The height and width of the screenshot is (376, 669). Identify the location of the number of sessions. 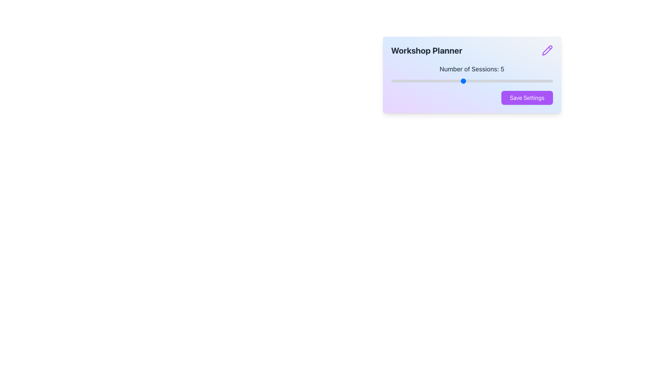
(534, 80).